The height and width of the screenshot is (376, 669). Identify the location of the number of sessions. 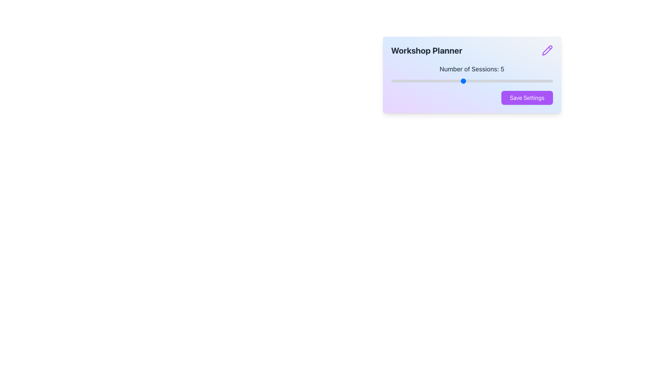
(534, 80).